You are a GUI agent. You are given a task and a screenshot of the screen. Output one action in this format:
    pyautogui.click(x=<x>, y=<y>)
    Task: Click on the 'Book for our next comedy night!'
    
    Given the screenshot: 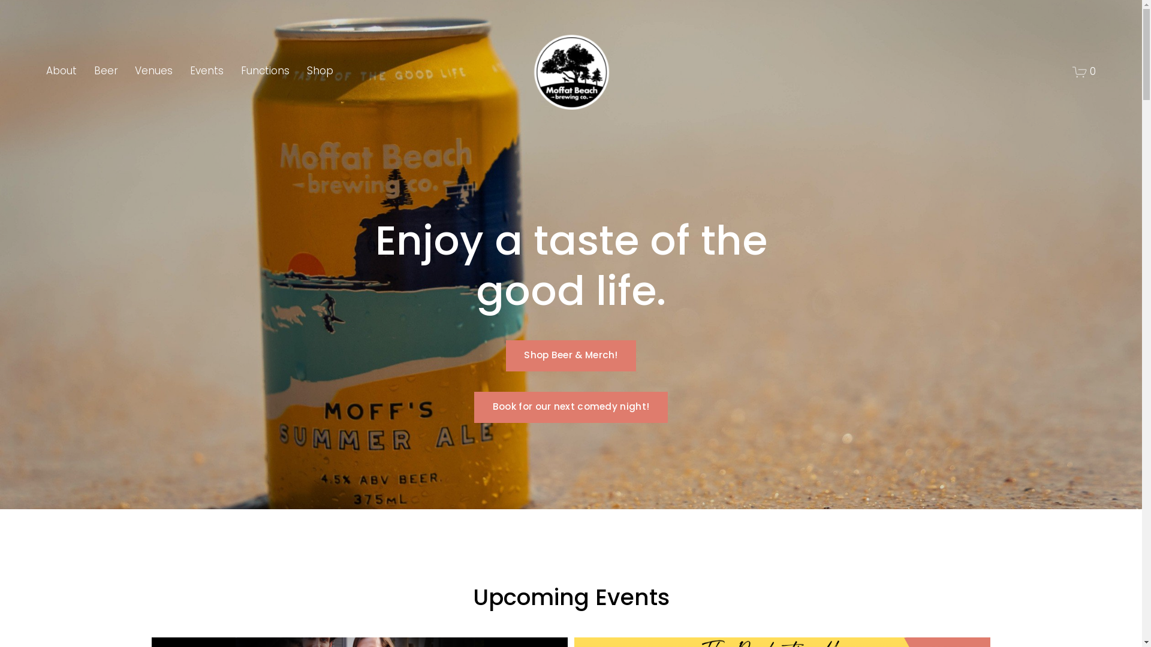 What is the action you would take?
    pyautogui.click(x=570, y=406)
    